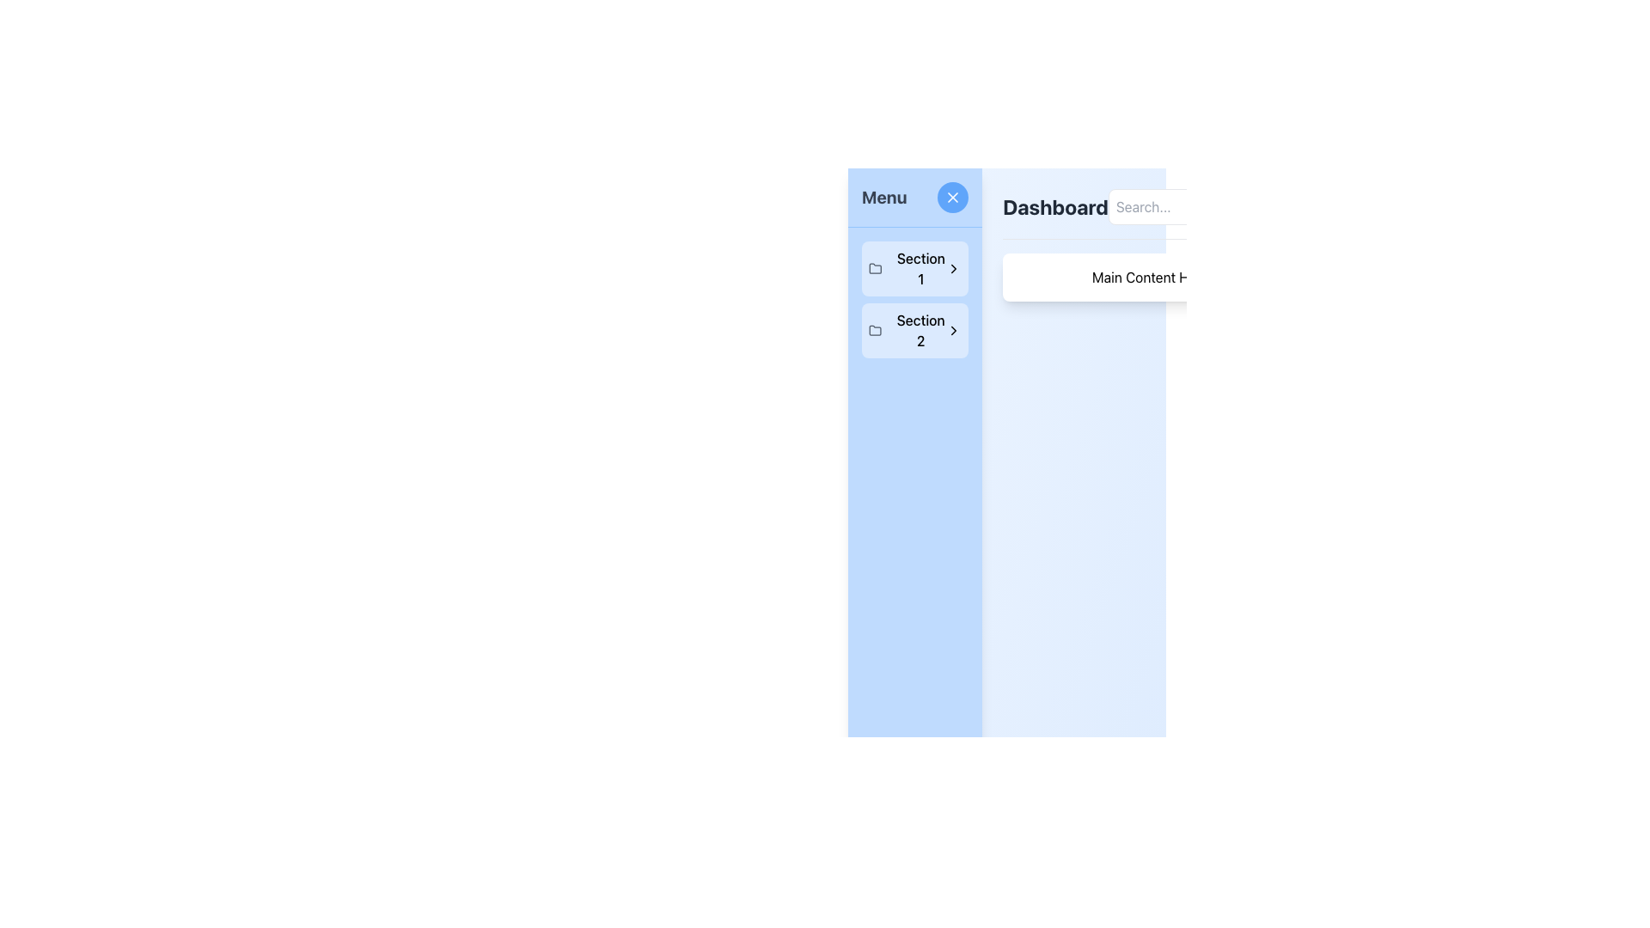  Describe the element at coordinates (953, 268) in the screenshot. I see `the small, right-pointing triangular arrow icon in the left-side menu next to the 'Section 1' text label` at that location.